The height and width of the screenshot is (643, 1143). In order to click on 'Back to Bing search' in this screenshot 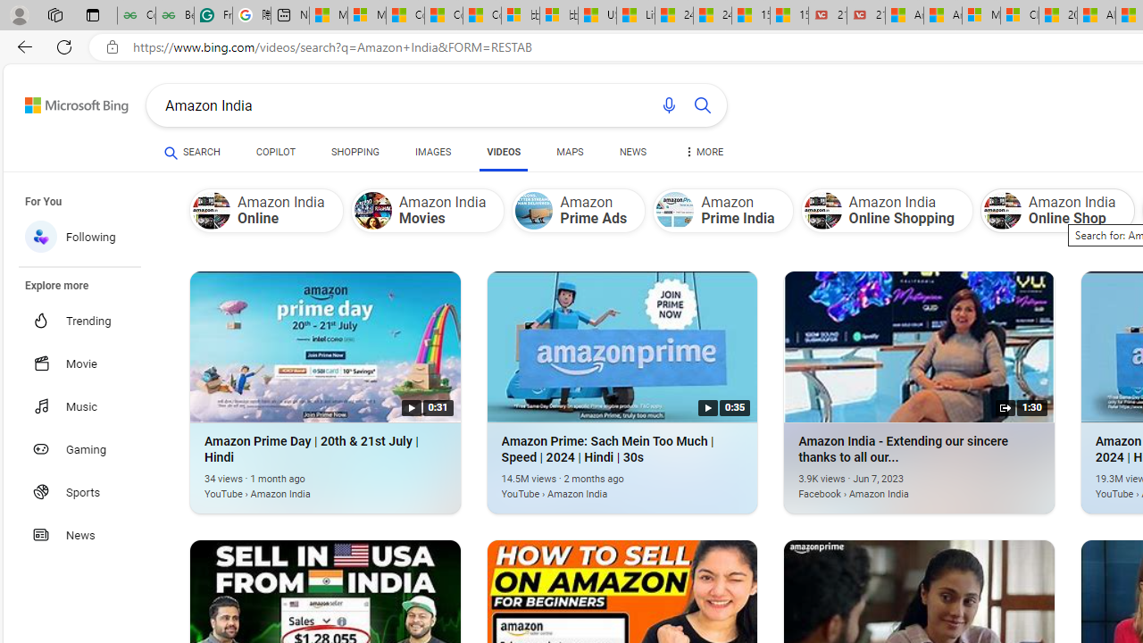, I will do `click(65, 102)`.